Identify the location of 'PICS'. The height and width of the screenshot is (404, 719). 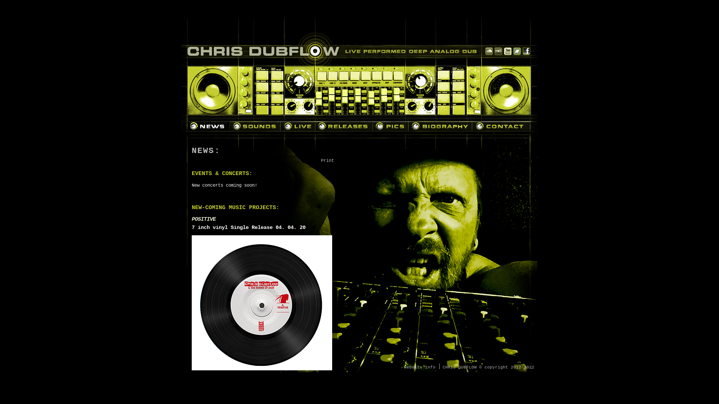
(373, 126).